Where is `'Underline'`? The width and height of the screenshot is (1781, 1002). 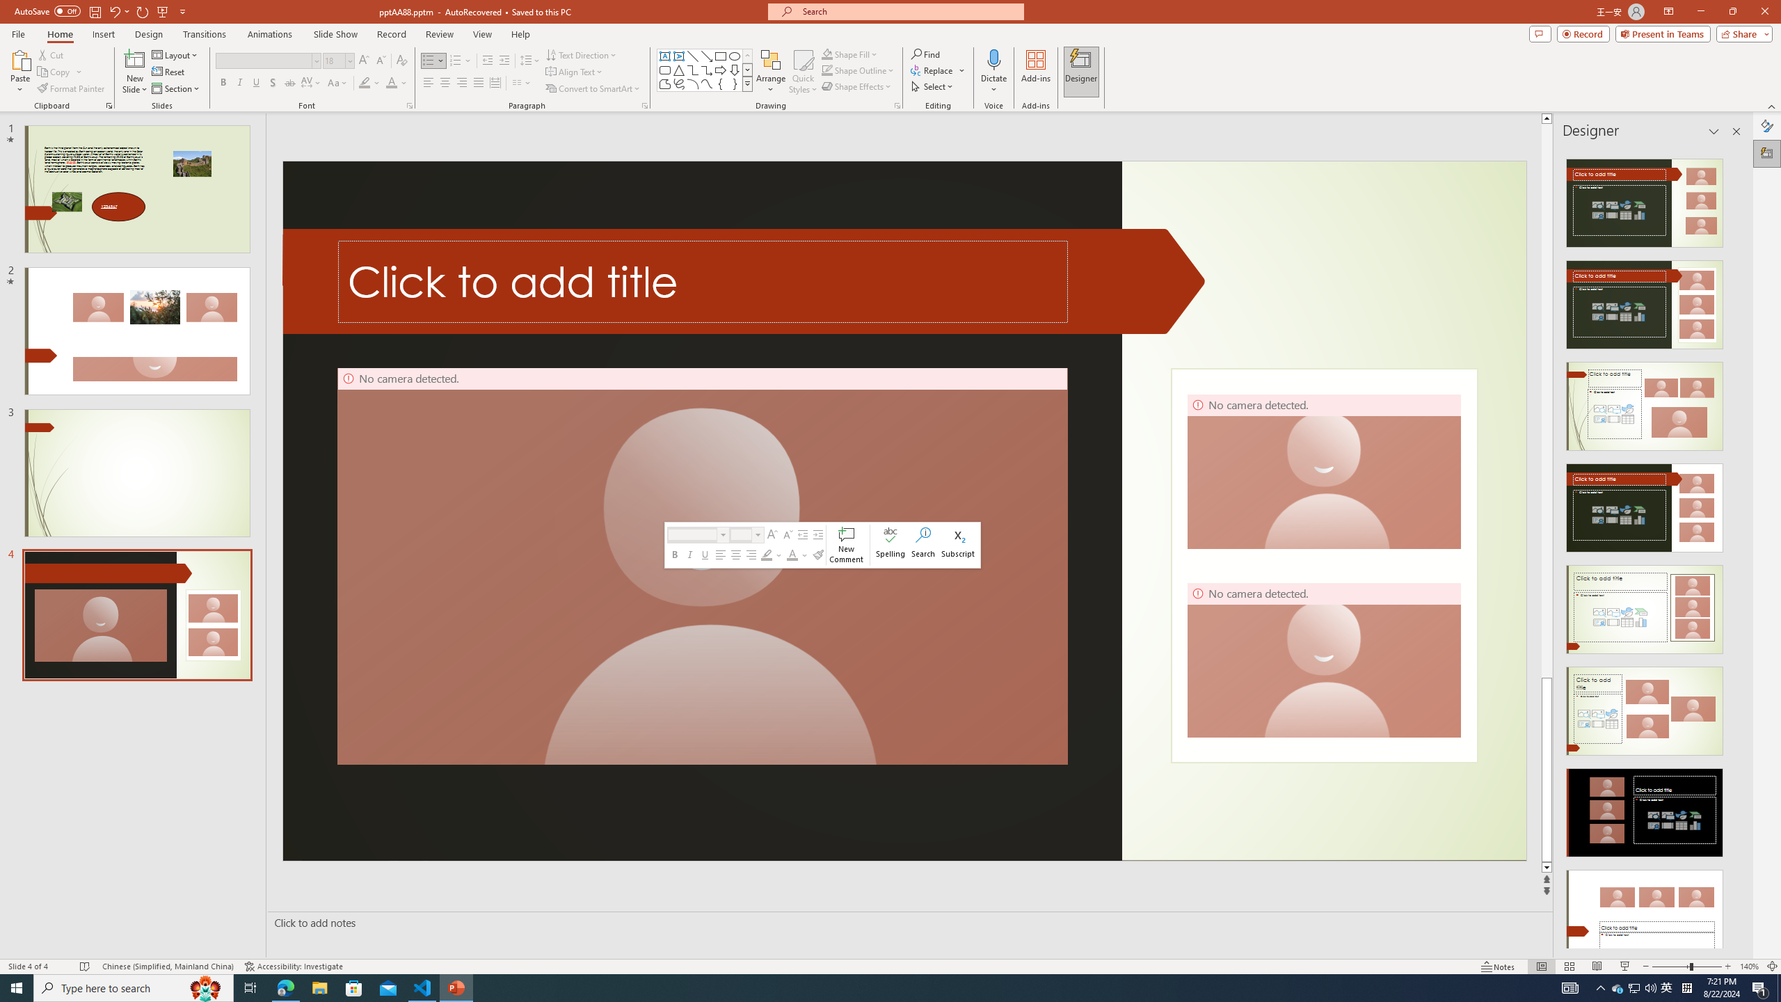 'Underline' is located at coordinates (255, 82).